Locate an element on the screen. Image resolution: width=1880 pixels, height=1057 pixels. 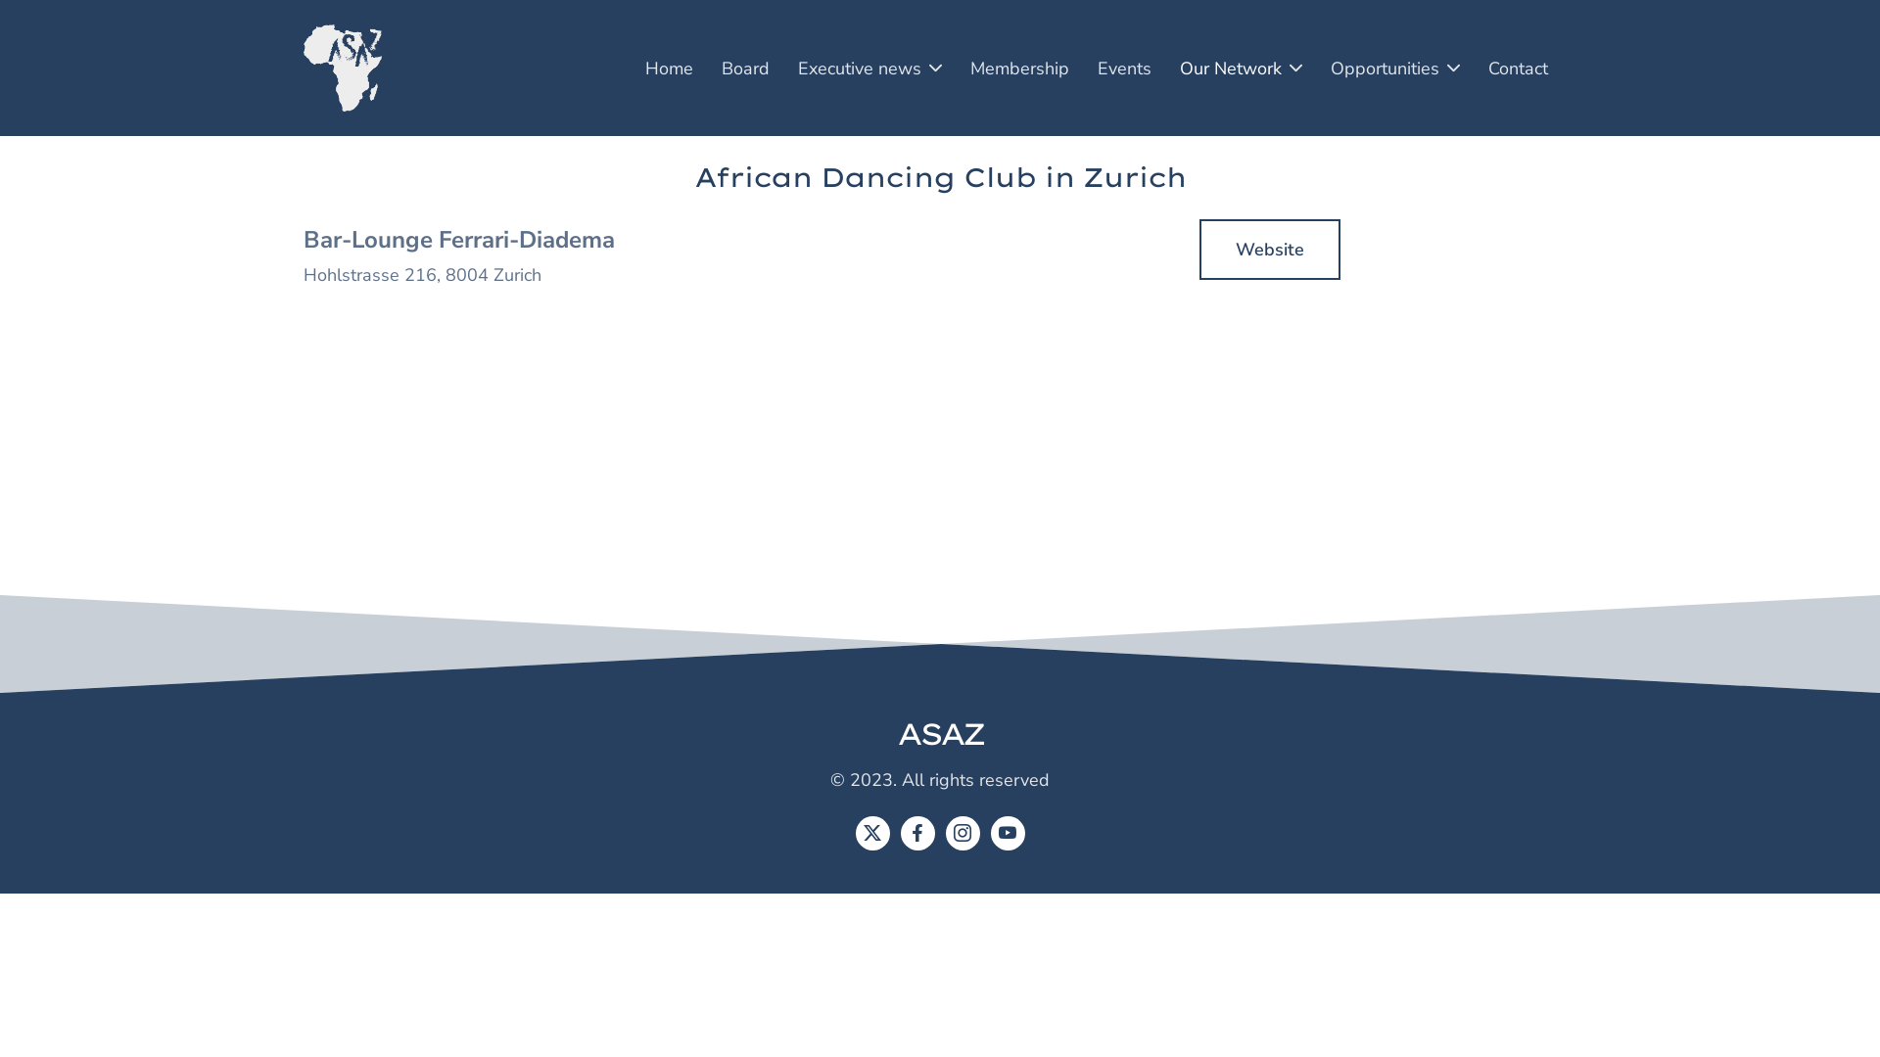
'Events' is located at coordinates (1124, 67).